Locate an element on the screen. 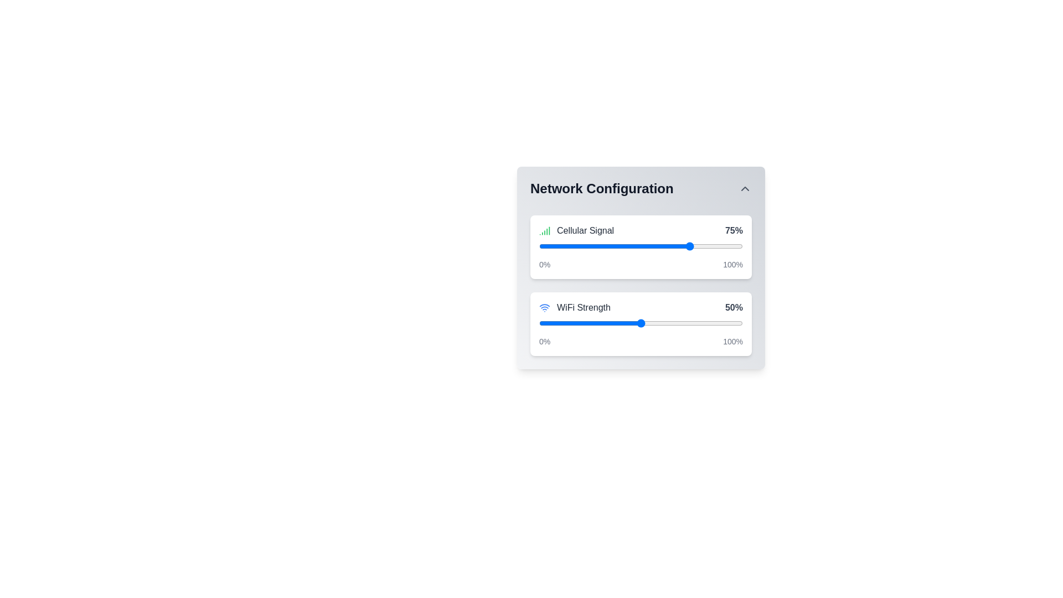 Image resolution: width=1063 pixels, height=598 pixels. the WiFi strength is located at coordinates (545, 323).